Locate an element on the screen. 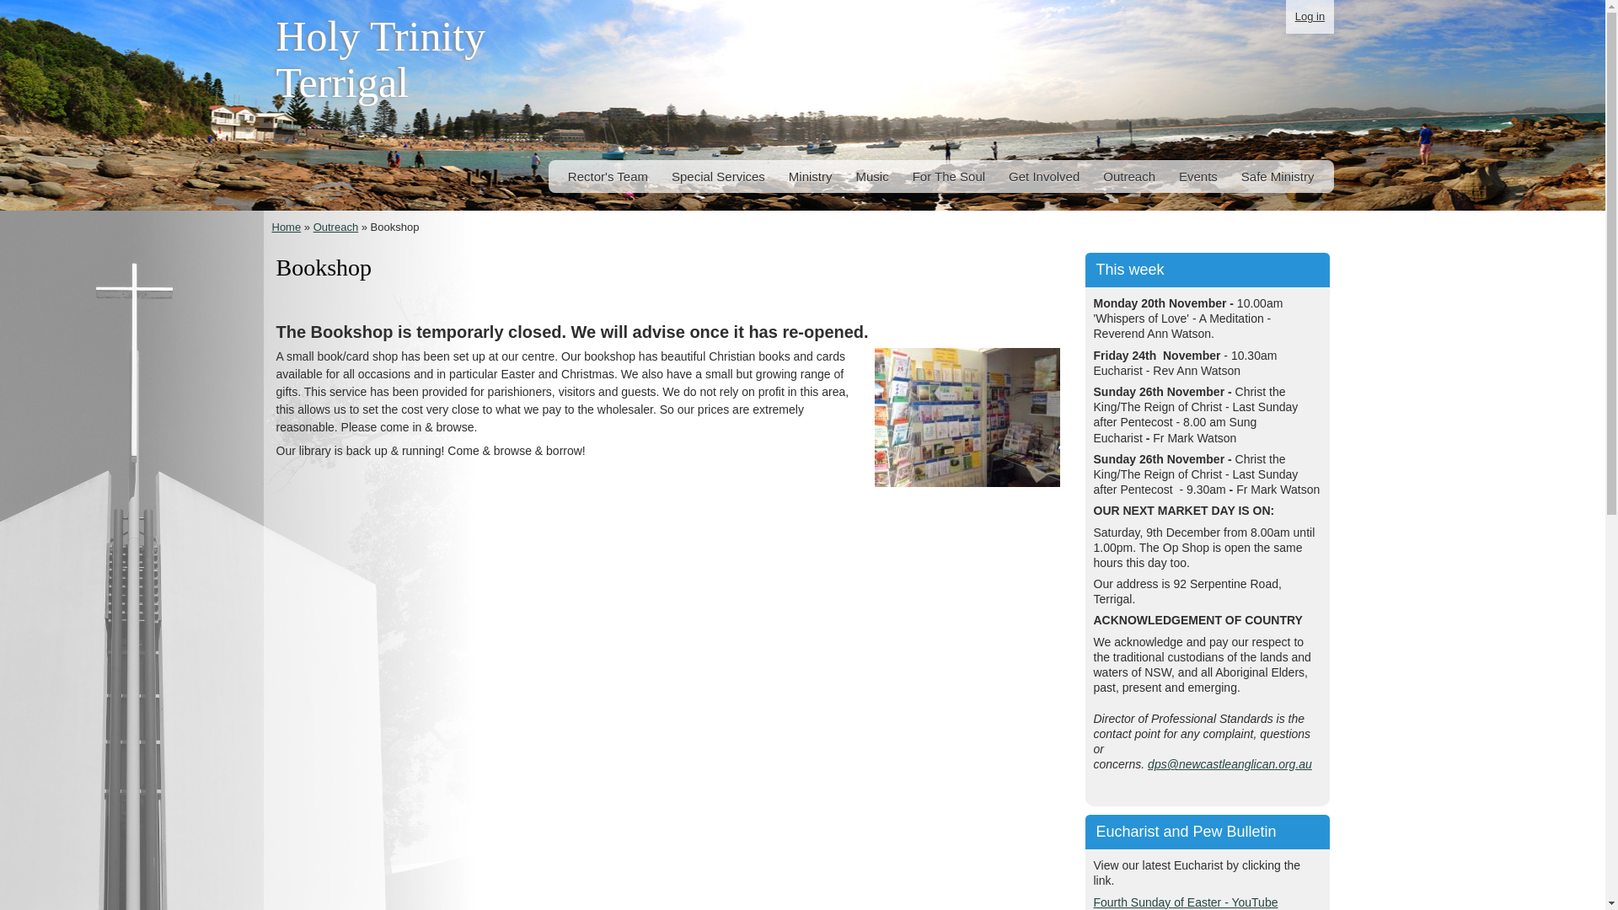 The image size is (1618, 910). 'Safe Ministry' is located at coordinates (1278, 176).